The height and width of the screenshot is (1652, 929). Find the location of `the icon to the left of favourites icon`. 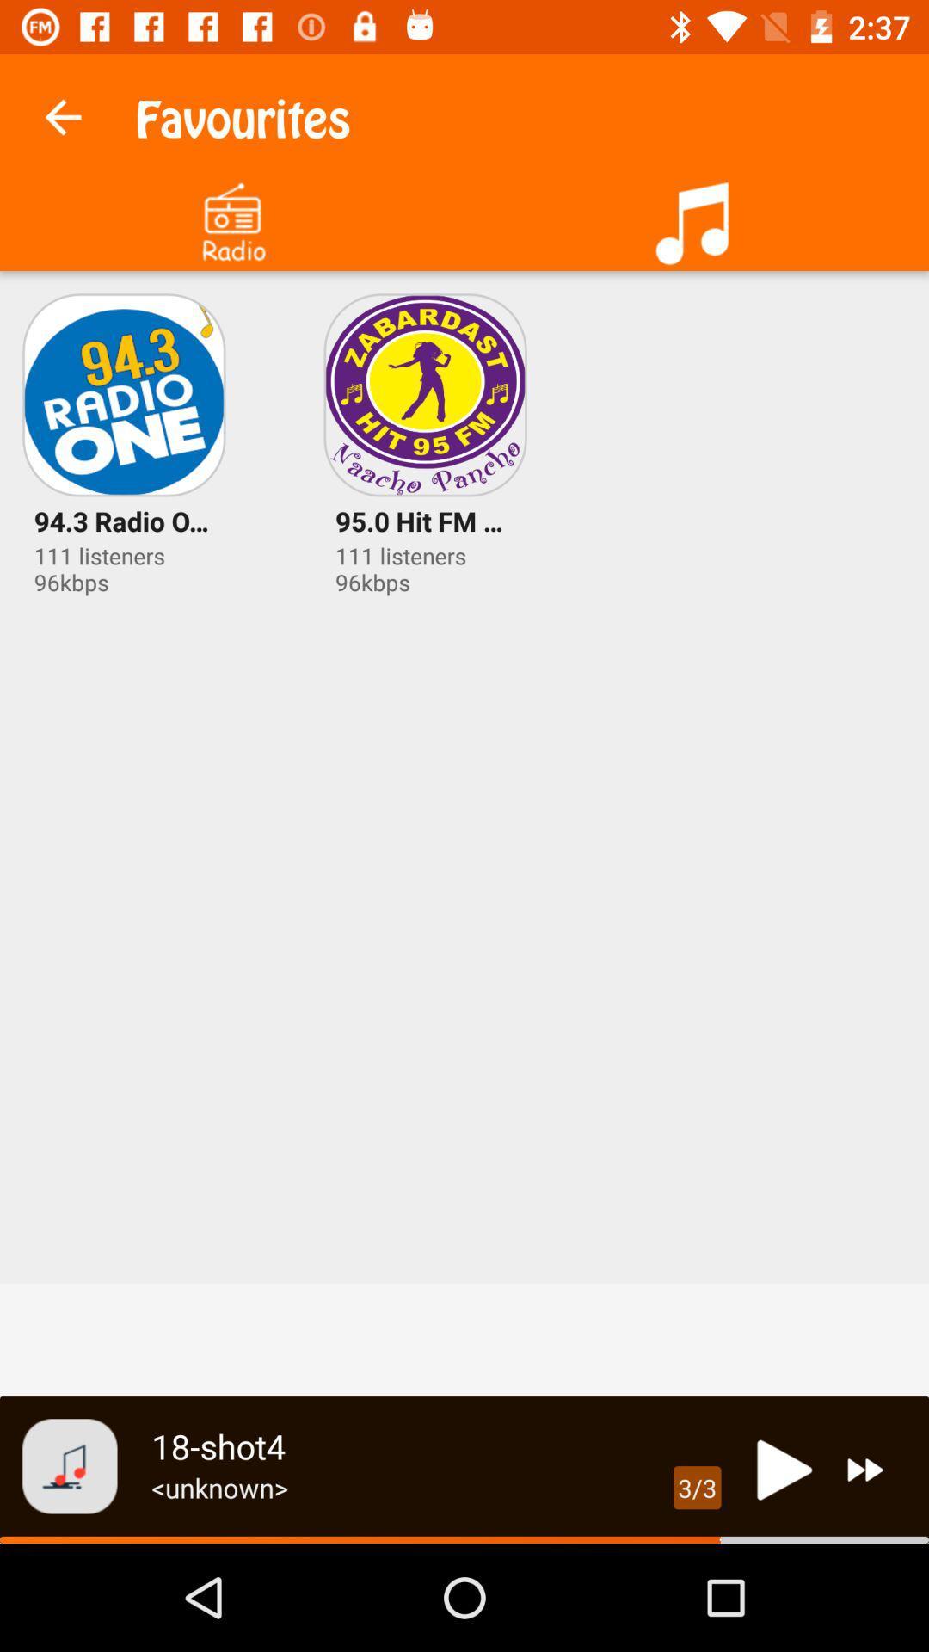

the icon to the left of favourites icon is located at coordinates (62, 112).